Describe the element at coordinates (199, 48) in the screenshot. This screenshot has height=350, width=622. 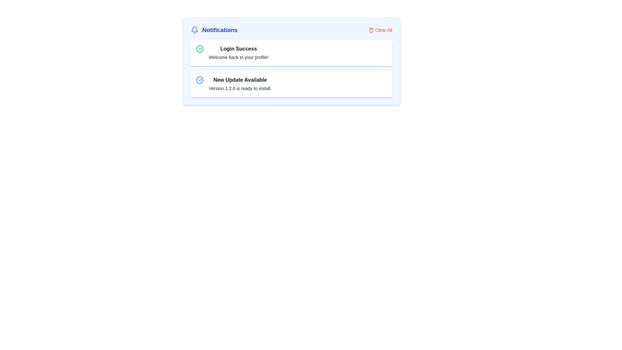
I see `the success confirmation icon in the 'Login Success' notification card, which indicates that an operation has been successfully completed` at that location.